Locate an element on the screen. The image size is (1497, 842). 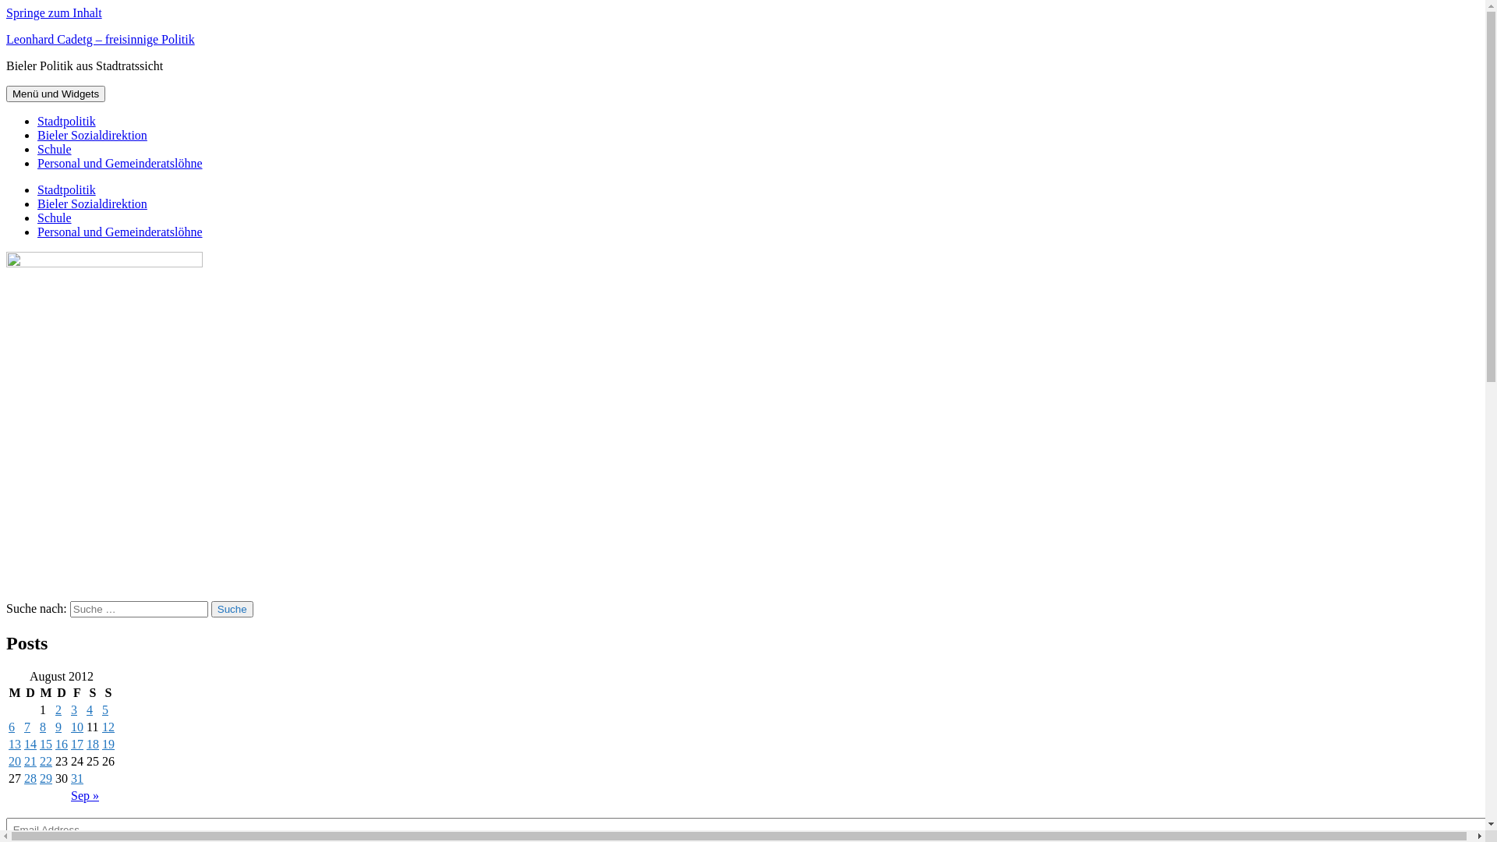
'14' is located at coordinates (30, 743).